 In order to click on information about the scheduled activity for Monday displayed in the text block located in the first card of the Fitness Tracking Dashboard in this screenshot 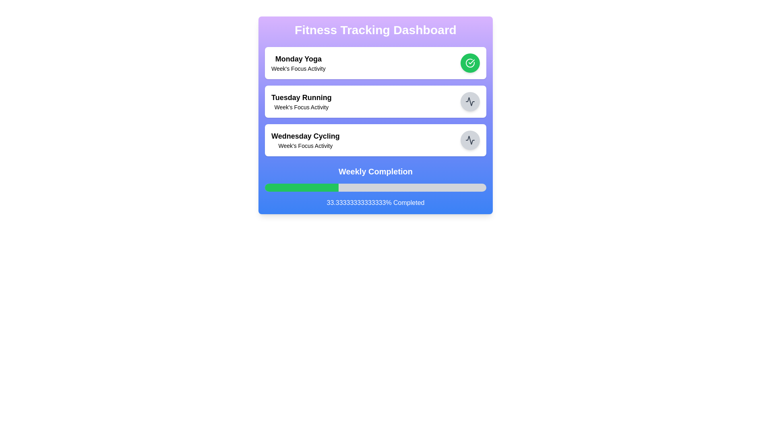, I will do `click(298, 63)`.